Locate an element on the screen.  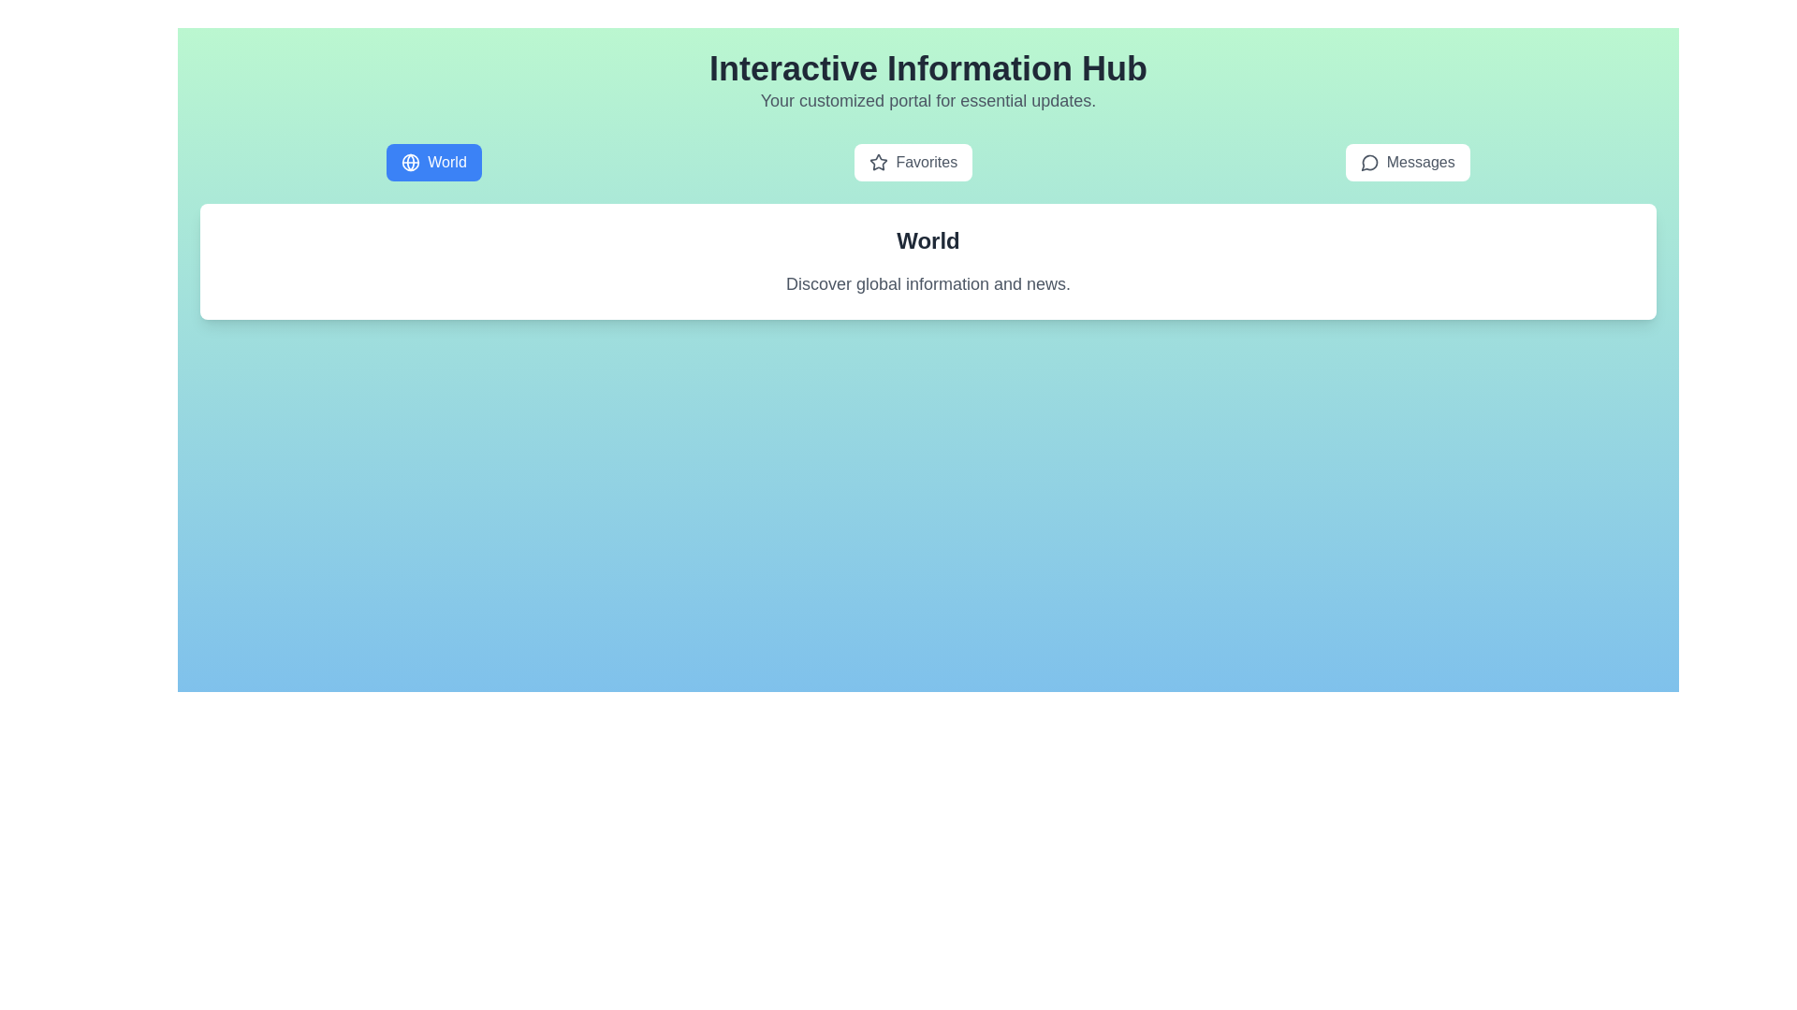
the Favorites tab to select it is located at coordinates (913, 161).